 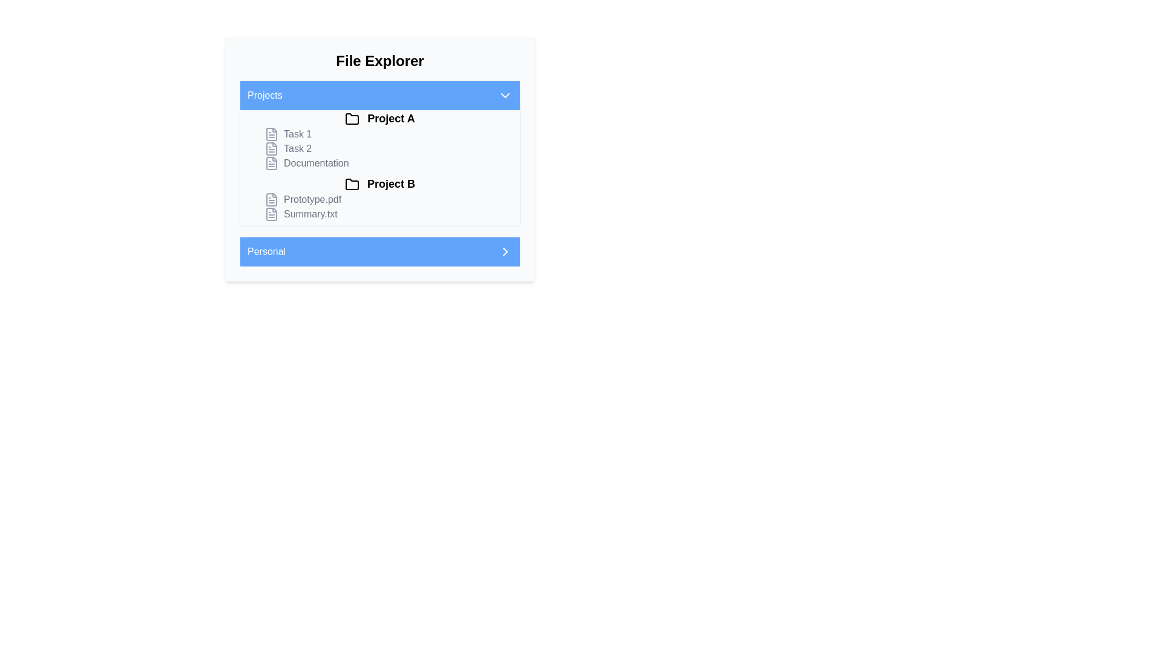 I want to click on the 'Personal' folder button located at the bottom of the 'Projects' section in the File Explorer interface, so click(x=379, y=251).